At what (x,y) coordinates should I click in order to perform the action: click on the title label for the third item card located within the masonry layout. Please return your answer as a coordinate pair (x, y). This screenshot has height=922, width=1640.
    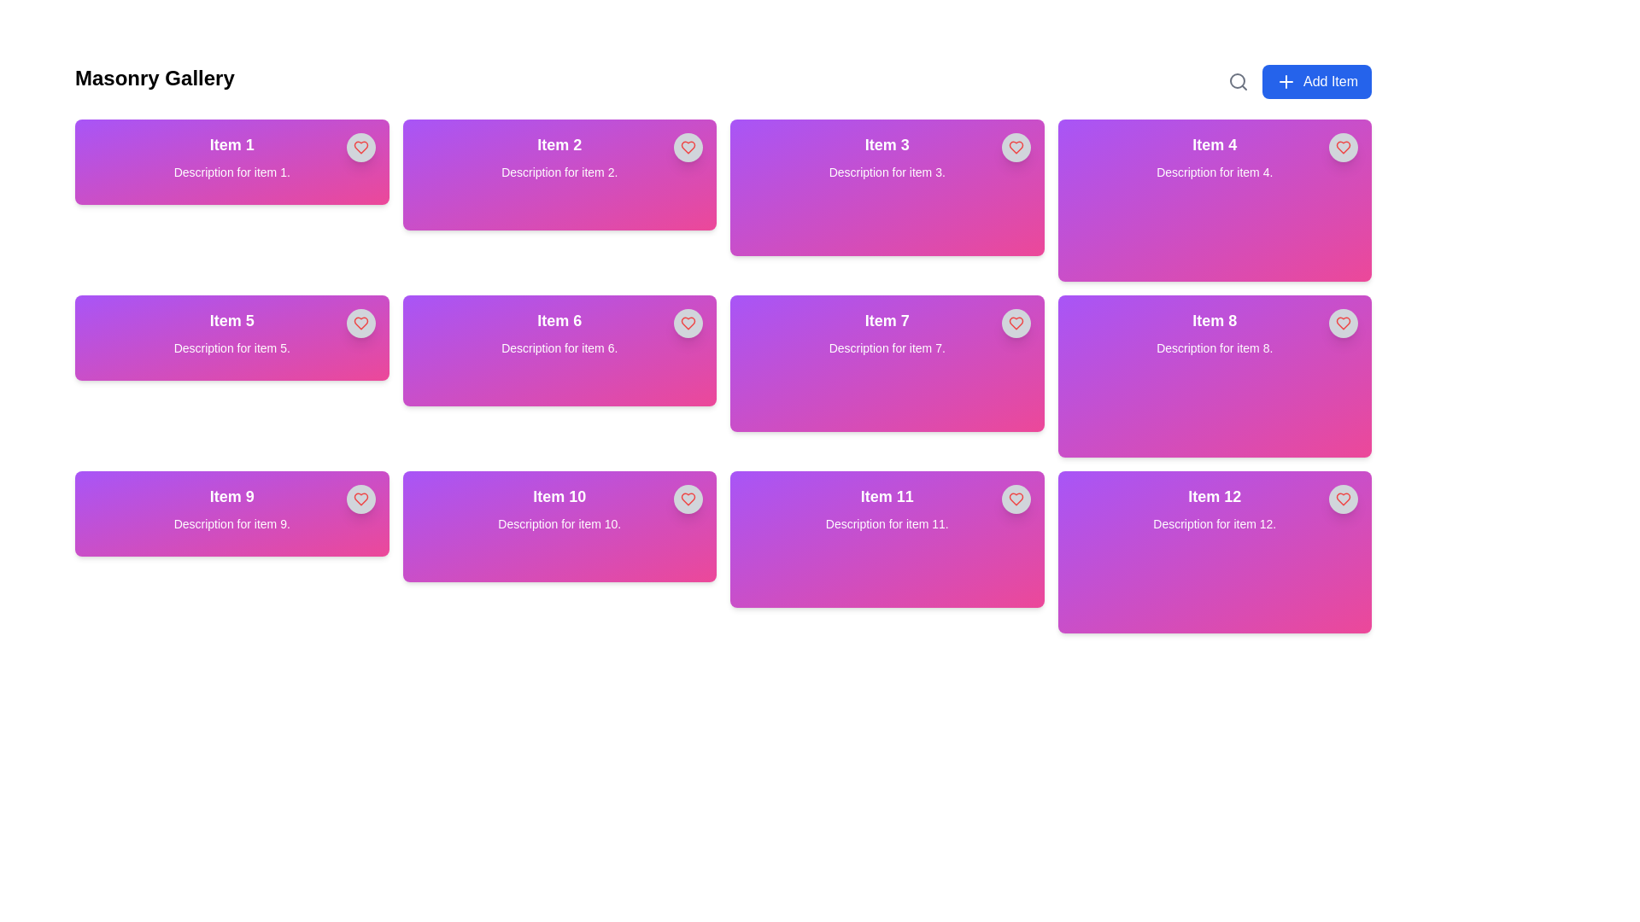
    Looking at the image, I should click on (887, 143).